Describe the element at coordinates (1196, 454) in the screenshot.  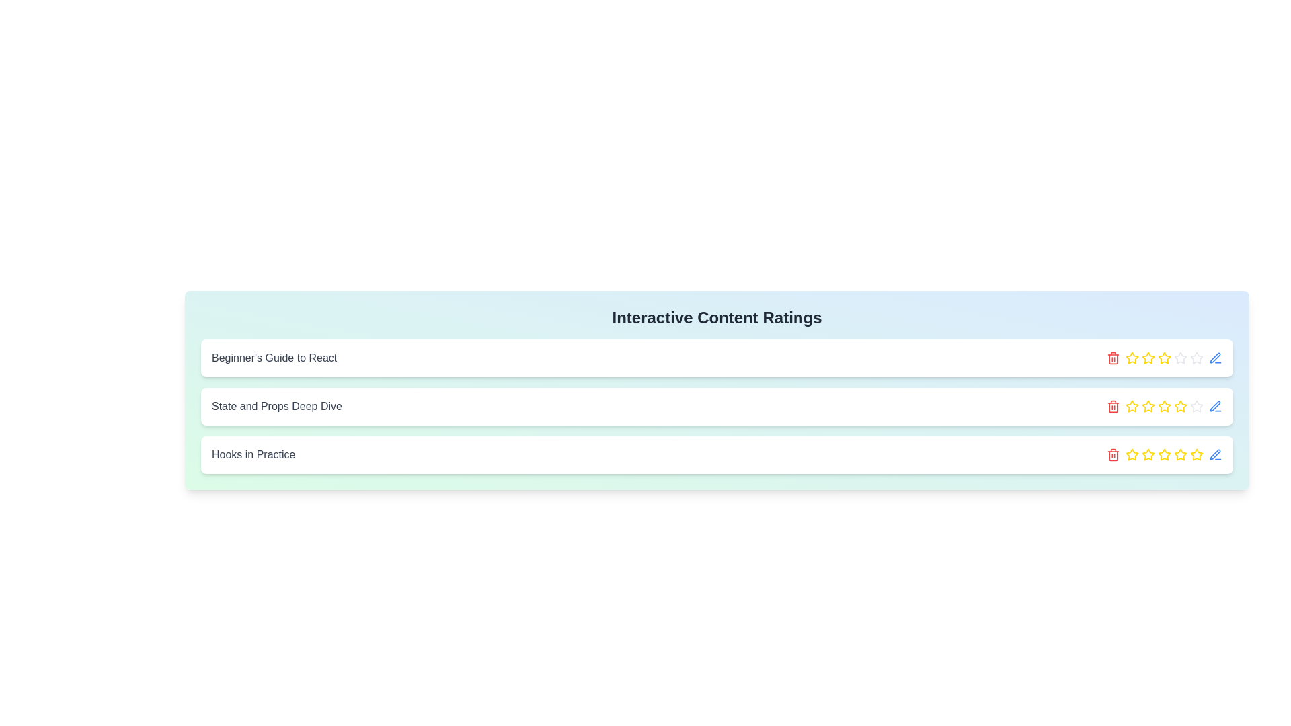
I see `the fourth star in the five-star rating system` at that location.